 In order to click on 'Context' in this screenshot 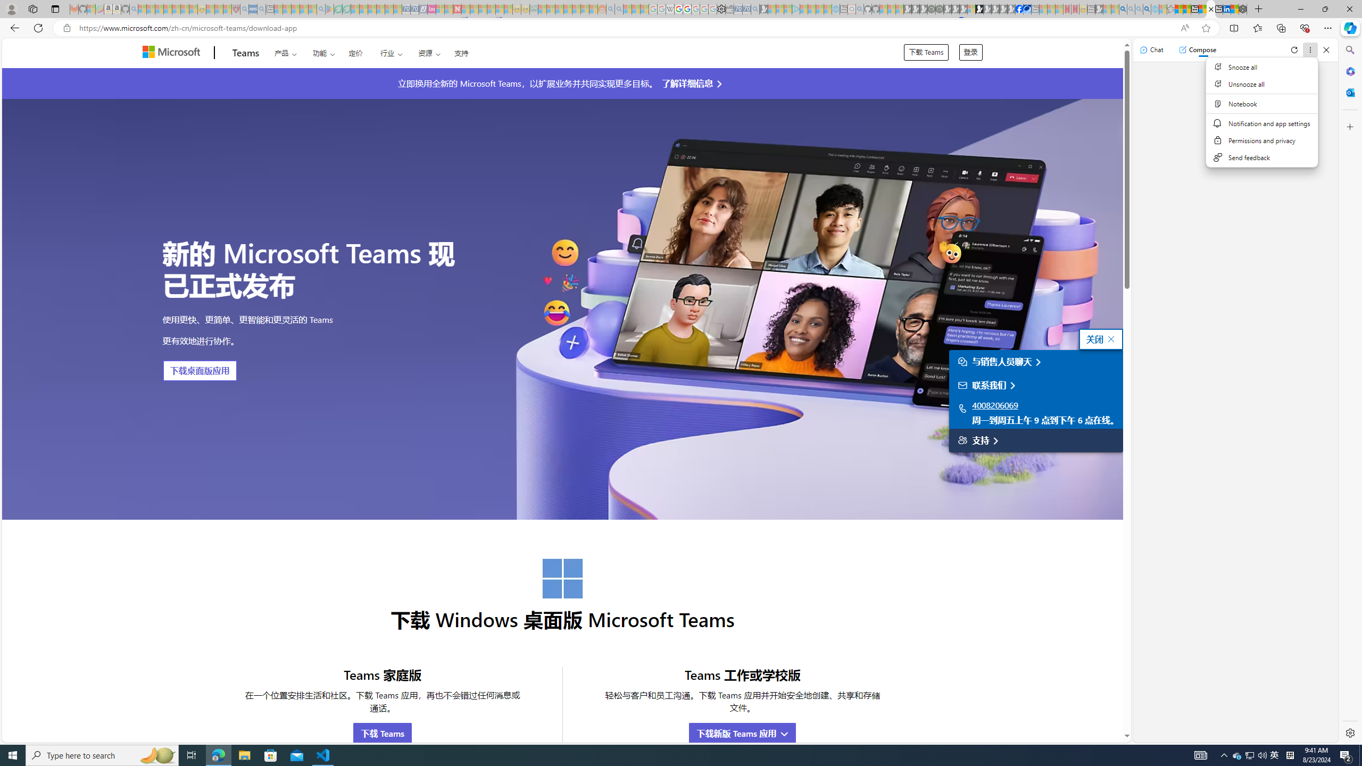, I will do `click(1262, 112)`.